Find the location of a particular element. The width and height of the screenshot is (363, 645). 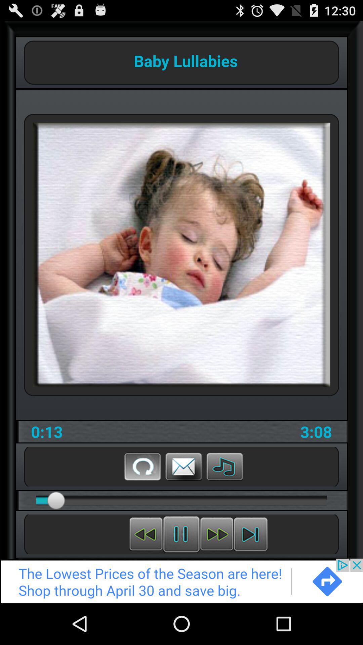

the av_rewind icon is located at coordinates (146, 571).